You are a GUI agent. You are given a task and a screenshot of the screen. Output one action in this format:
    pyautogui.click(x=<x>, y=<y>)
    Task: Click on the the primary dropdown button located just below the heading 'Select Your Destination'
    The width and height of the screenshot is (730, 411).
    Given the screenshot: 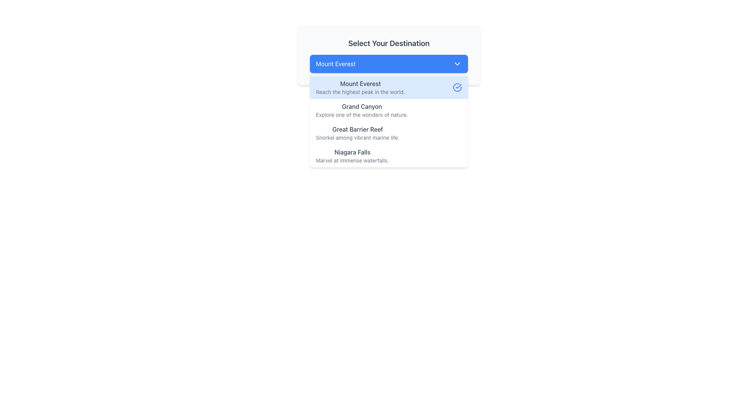 What is the action you would take?
    pyautogui.click(x=389, y=55)
    